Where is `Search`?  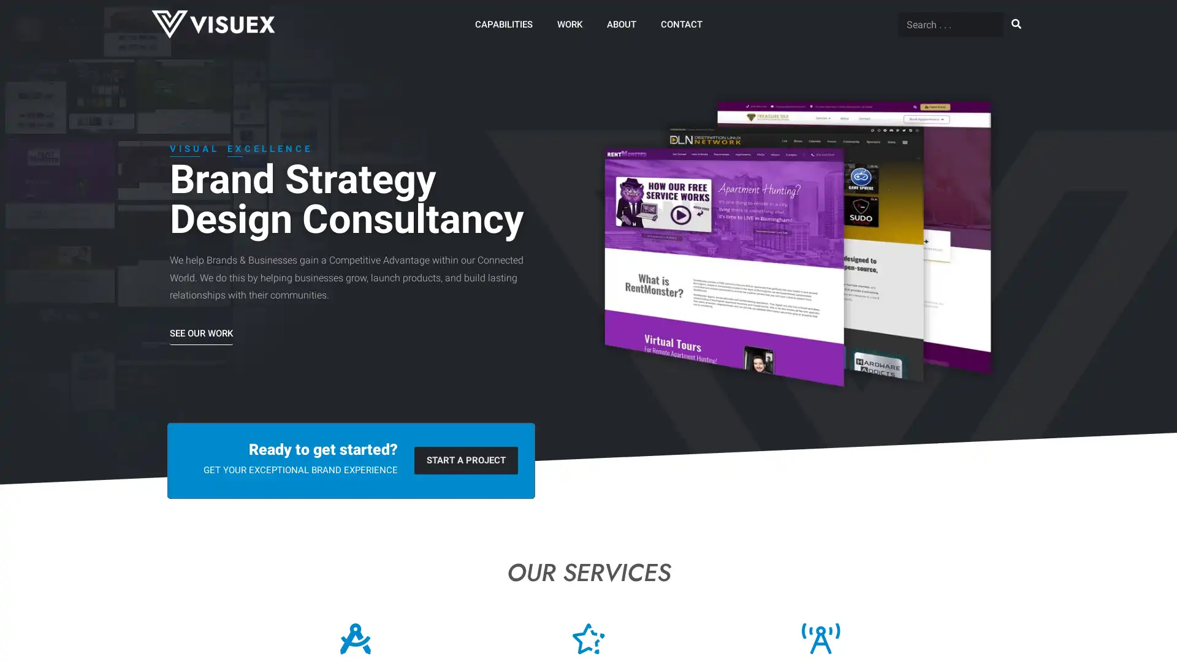 Search is located at coordinates (1016, 24).